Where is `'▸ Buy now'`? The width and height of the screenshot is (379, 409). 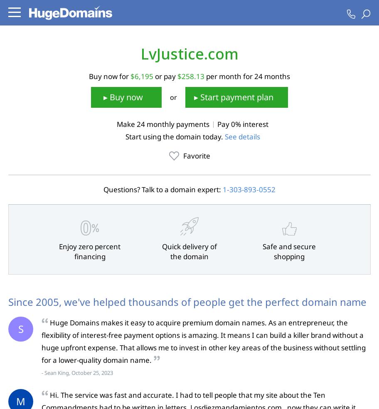 '▸ Buy now' is located at coordinates (123, 97).